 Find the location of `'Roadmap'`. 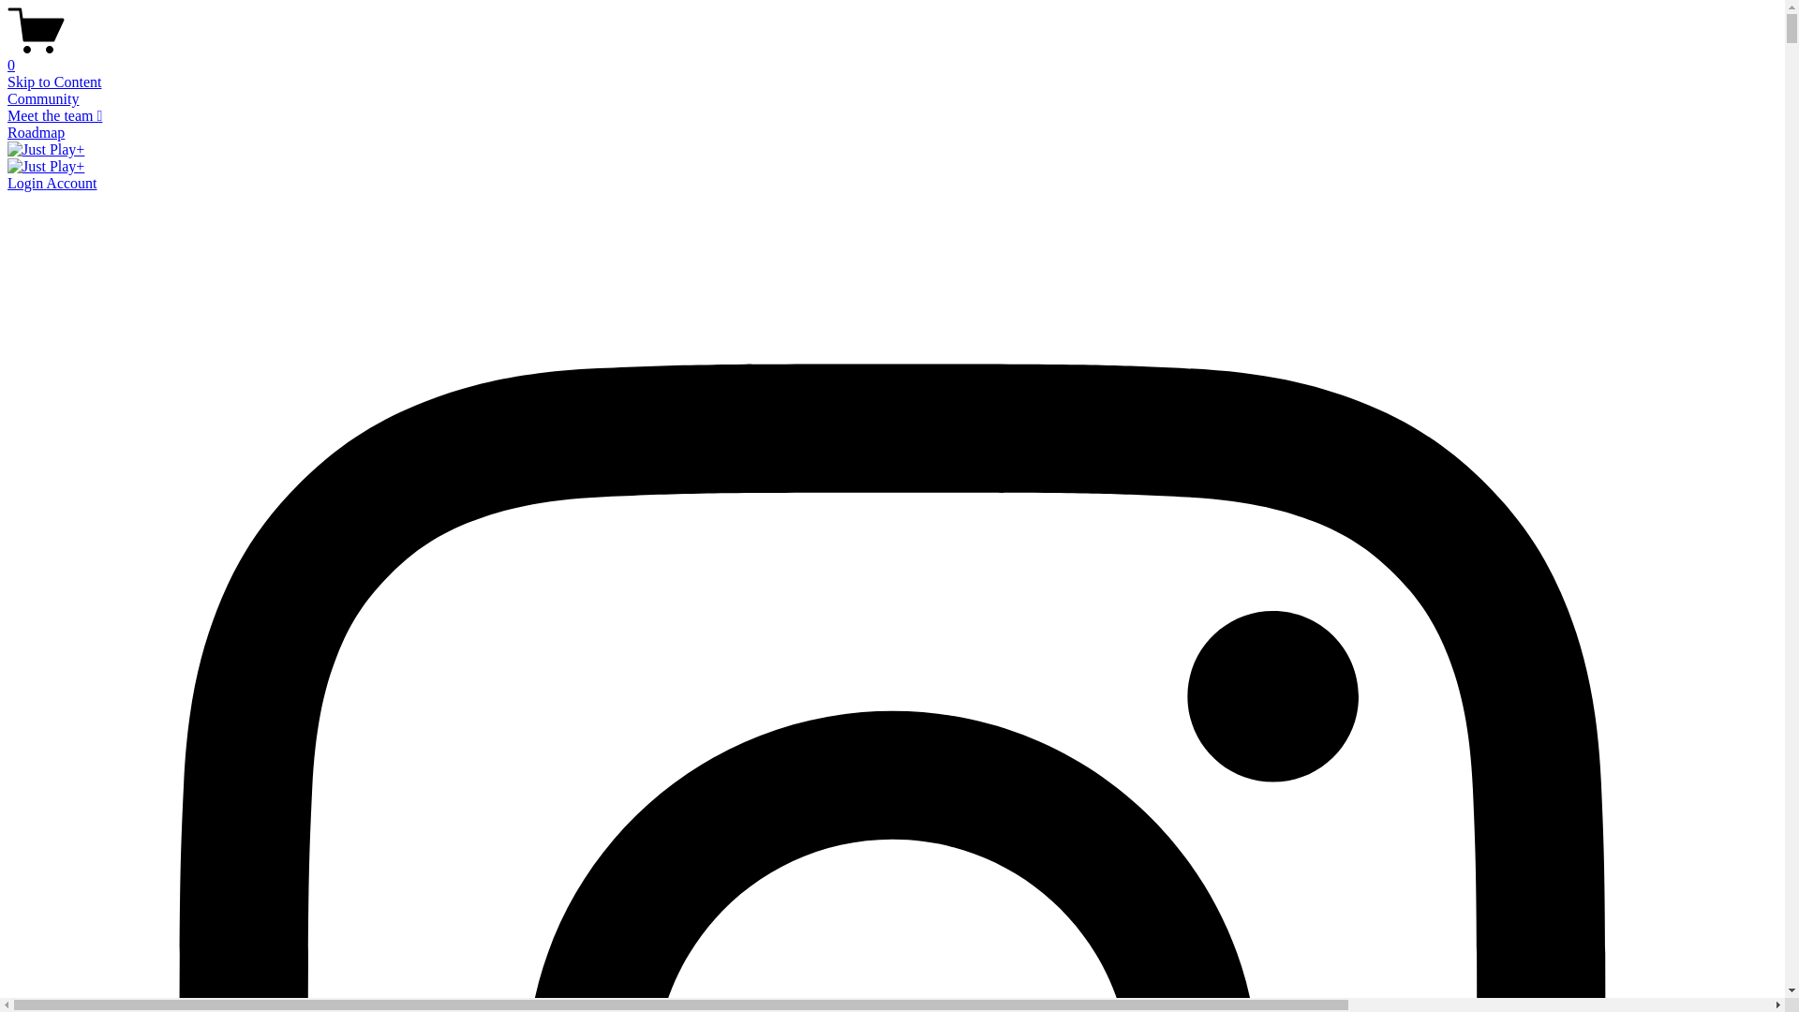

'Roadmap' is located at coordinates (36, 131).